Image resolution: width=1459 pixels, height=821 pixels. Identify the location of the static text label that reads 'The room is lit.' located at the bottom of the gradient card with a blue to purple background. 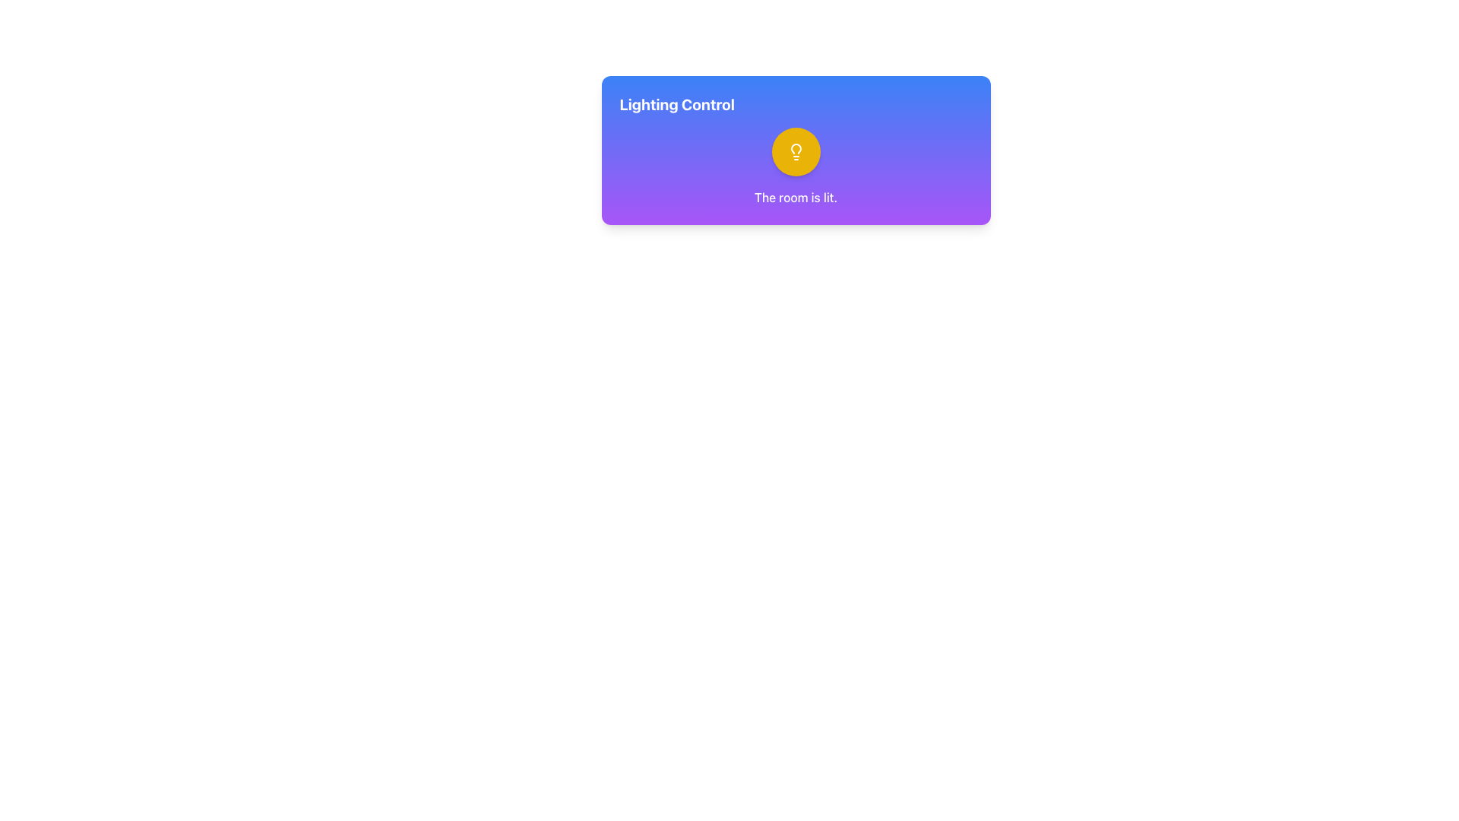
(795, 196).